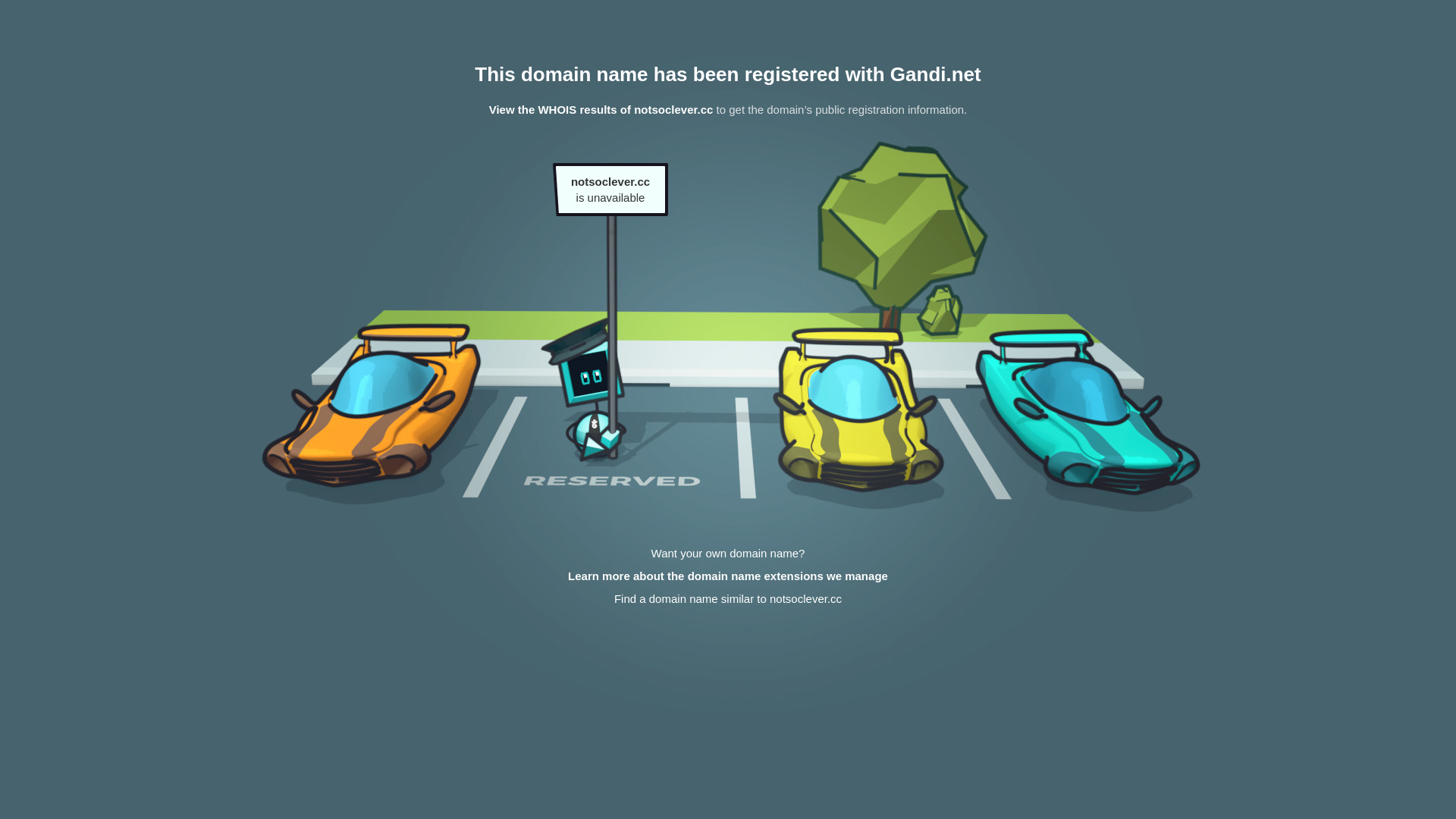  What do you see at coordinates (600, 108) in the screenshot?
I see `'View the WHOIS results of notsoclever.cc'` at bounding box center [600, 108].